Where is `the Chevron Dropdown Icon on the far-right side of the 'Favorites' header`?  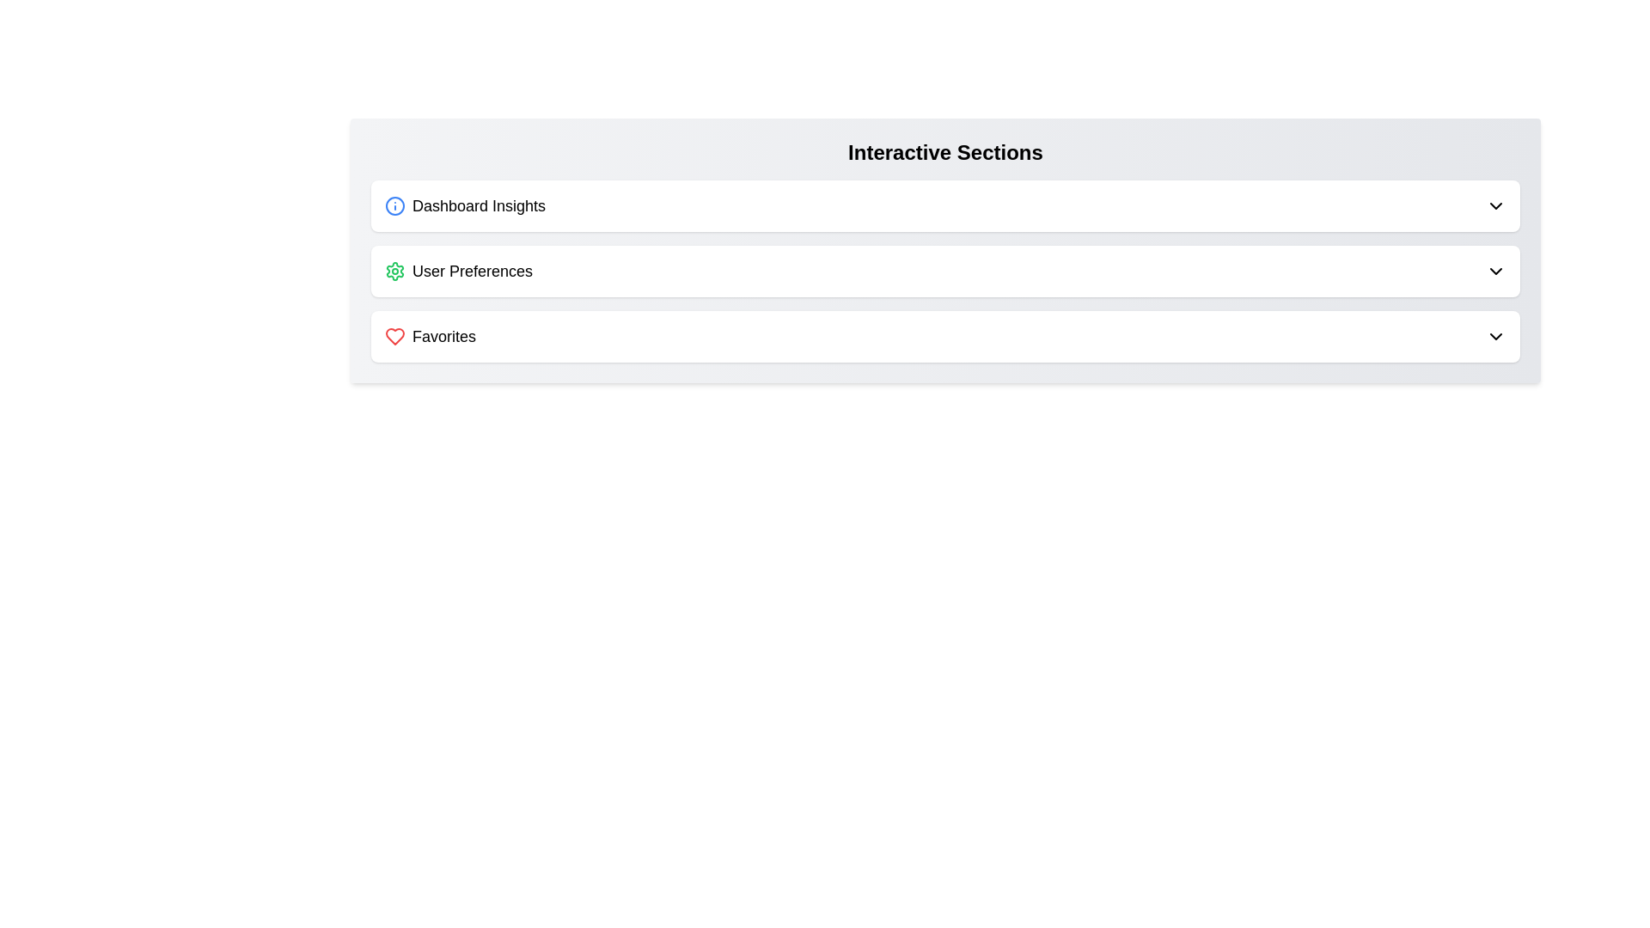
the Chevron Dropdown Icon on the far-right side of the 'Favorites' header is located at coordinates (1495, 337).